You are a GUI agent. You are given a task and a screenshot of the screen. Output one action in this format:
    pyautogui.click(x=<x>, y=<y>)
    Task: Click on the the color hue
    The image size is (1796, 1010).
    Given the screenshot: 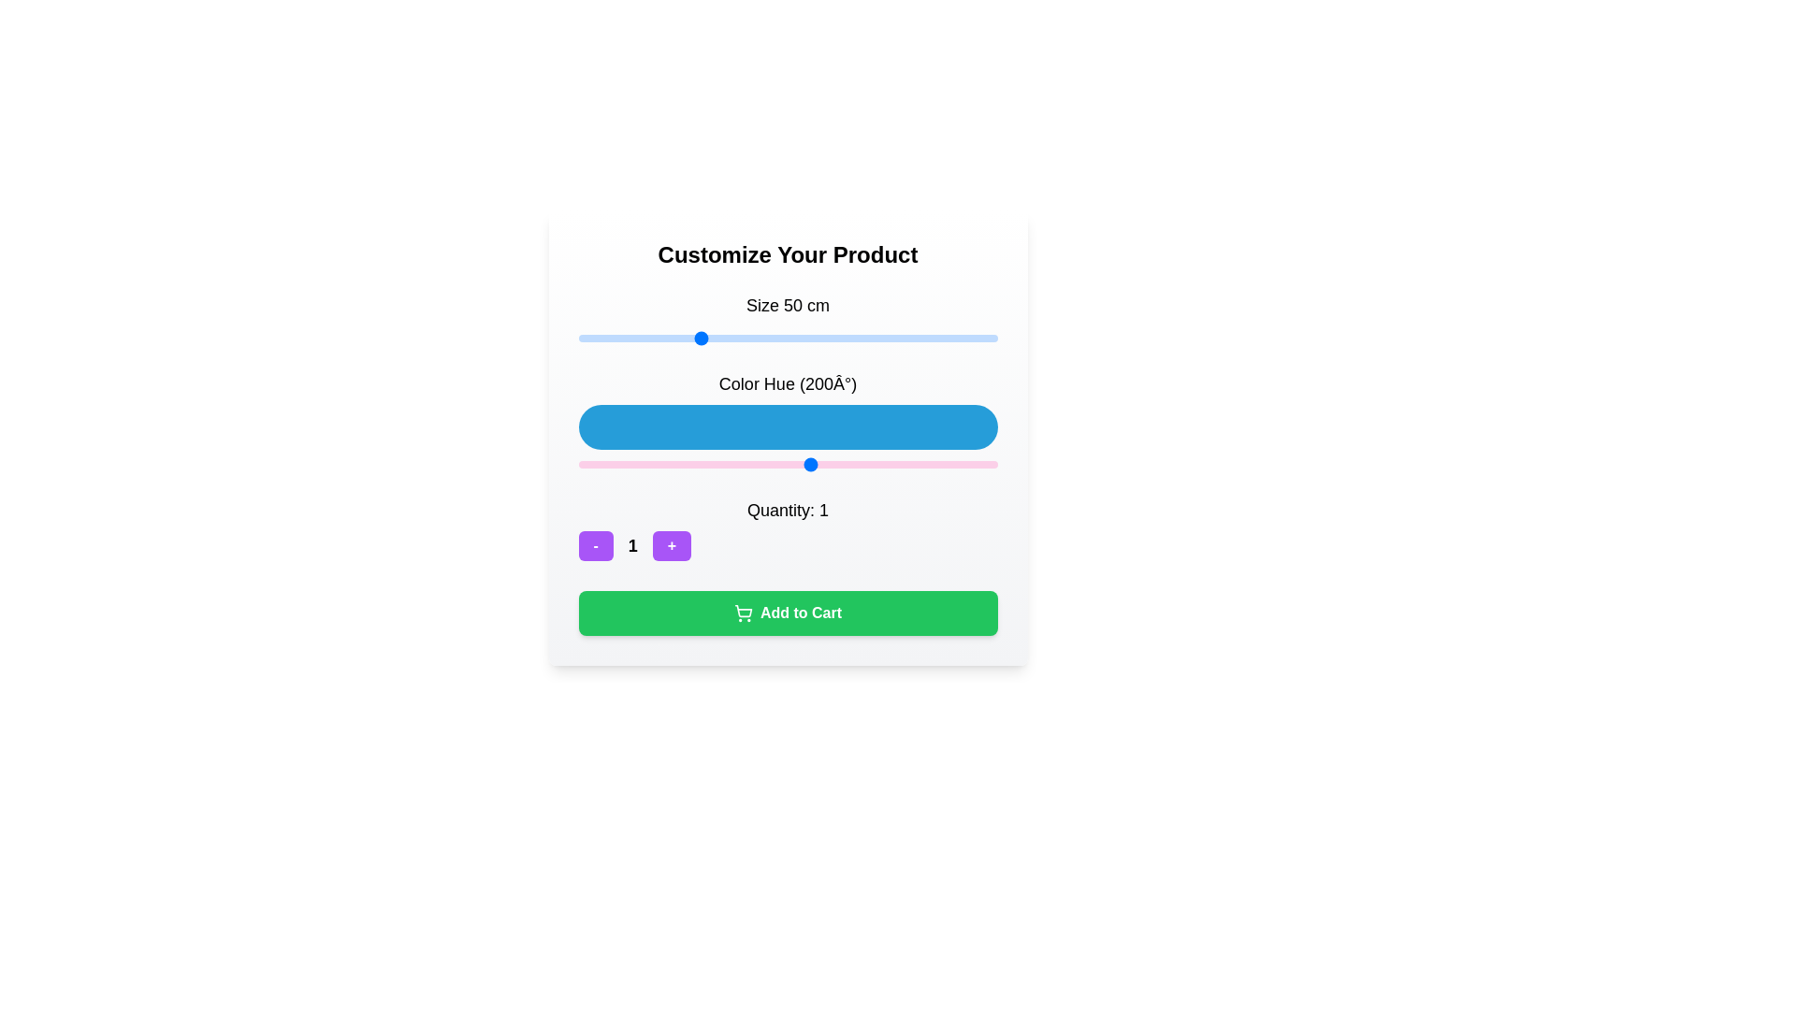 What is the action you would take?
    pyautogui.click(x=719, y=464)
    